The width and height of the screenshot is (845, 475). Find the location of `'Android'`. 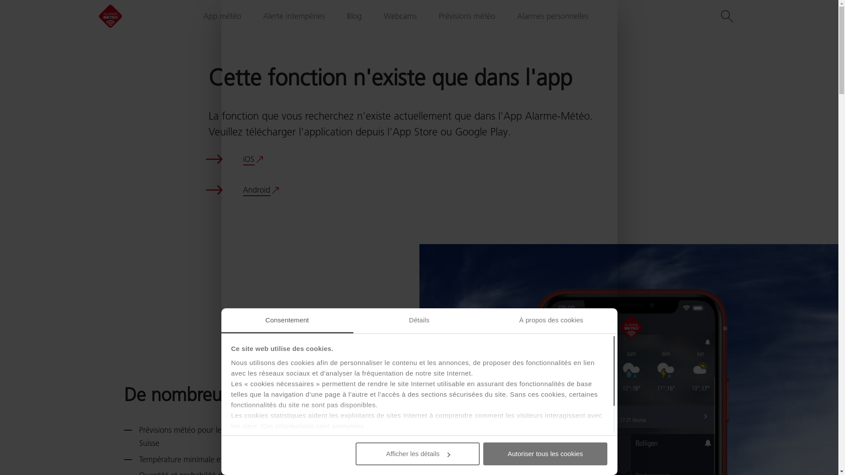

'Android' is located at coordinates (261, 190).